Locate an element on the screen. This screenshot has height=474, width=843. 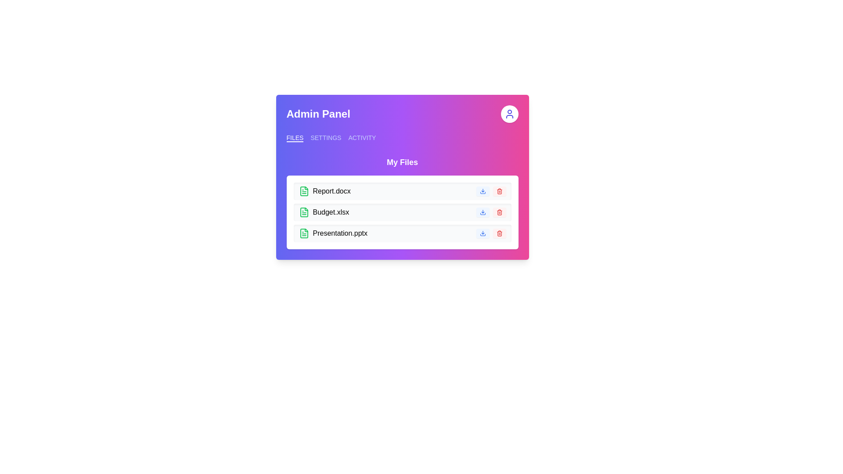
the 'FILES' tab in the Tab navigation menu located at the top-center of the Admin Panel is located at coordinates (402, 137).